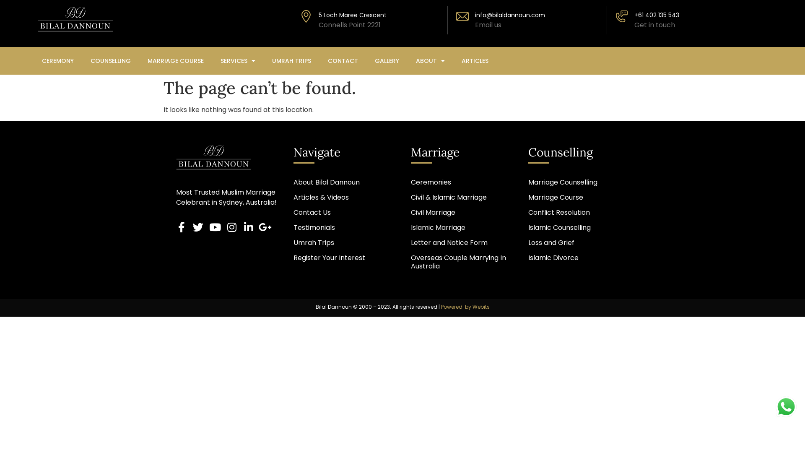 The image size is (805, 453). I want to click on 'CEREMONY', so click(57, 60).